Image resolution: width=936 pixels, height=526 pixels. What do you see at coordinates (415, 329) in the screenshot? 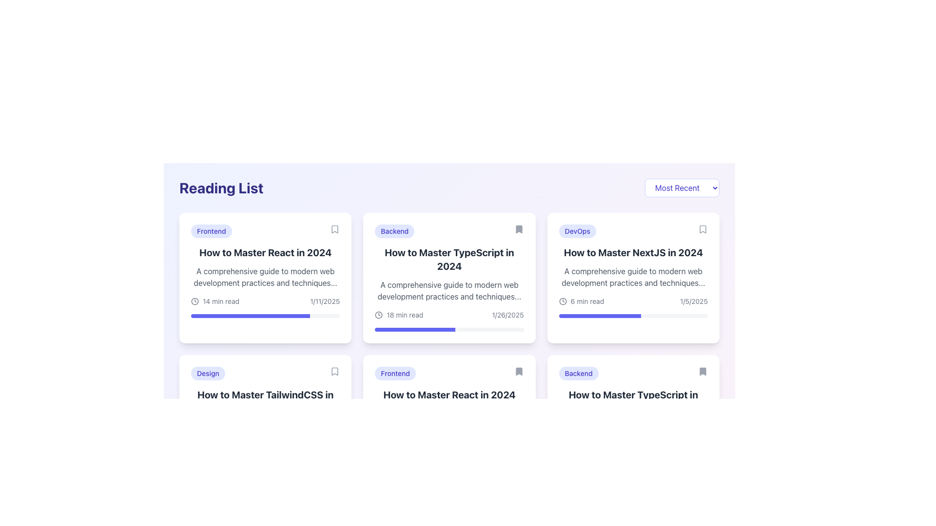
I see `the visual progress level of the progress bar located at the bottom of the card titled 'How to Master TypeScript in 2024', positioned directly above the reading time text` at bounding box center [415, 329].